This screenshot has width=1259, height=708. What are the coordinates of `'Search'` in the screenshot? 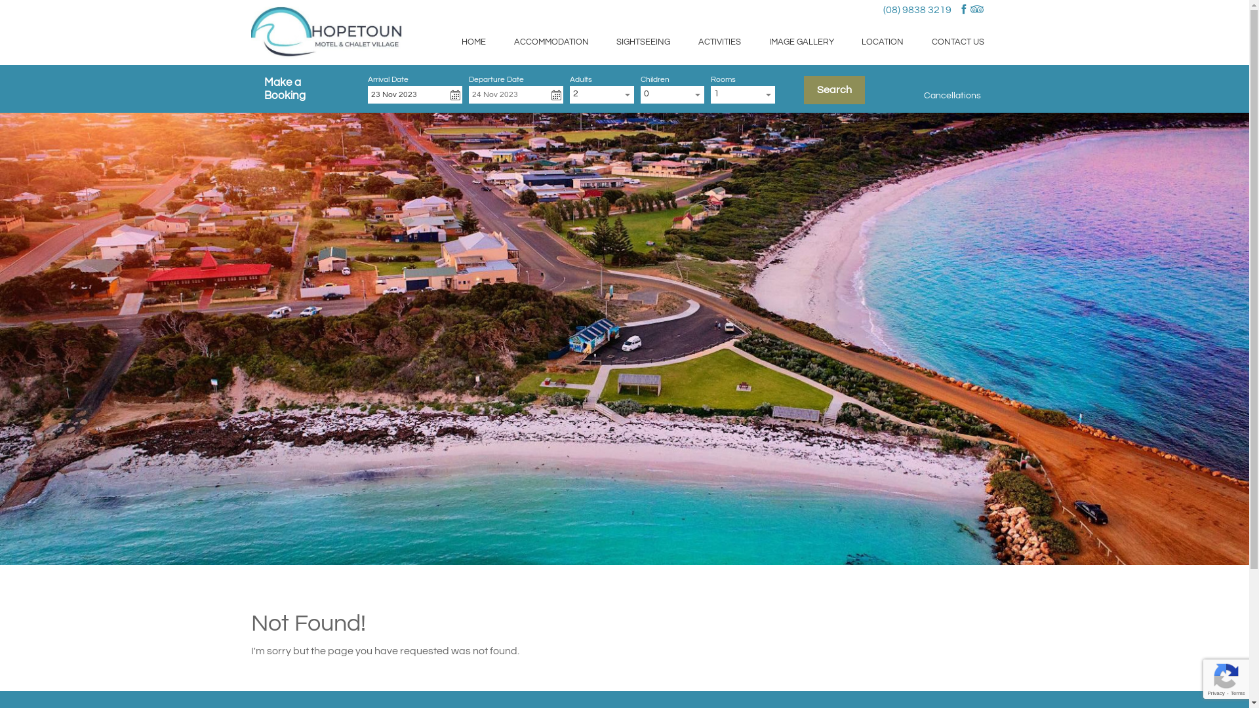 It's located at (833, 89).